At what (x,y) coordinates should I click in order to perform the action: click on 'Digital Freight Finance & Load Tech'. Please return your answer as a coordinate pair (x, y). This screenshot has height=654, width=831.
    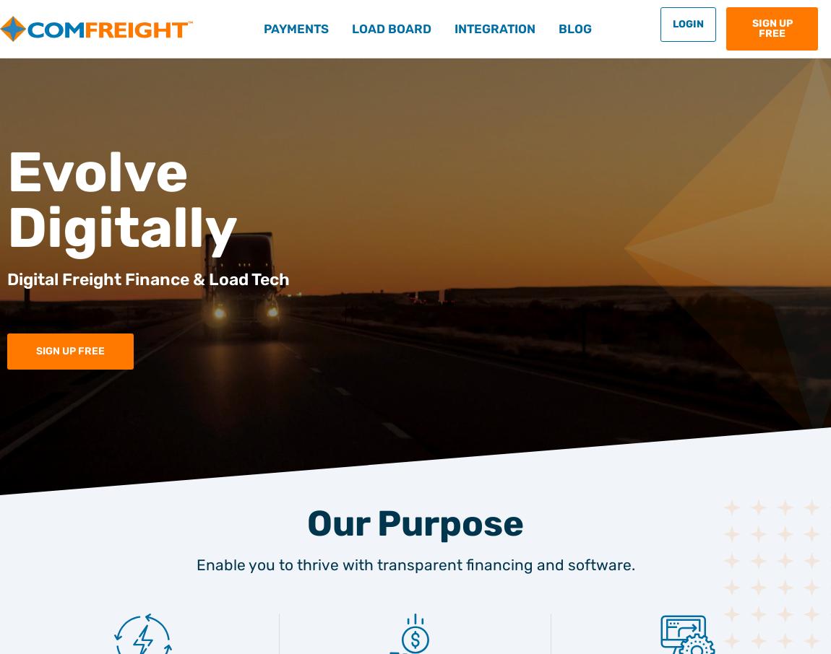
    Looking at the image, I should click on (7, 279).